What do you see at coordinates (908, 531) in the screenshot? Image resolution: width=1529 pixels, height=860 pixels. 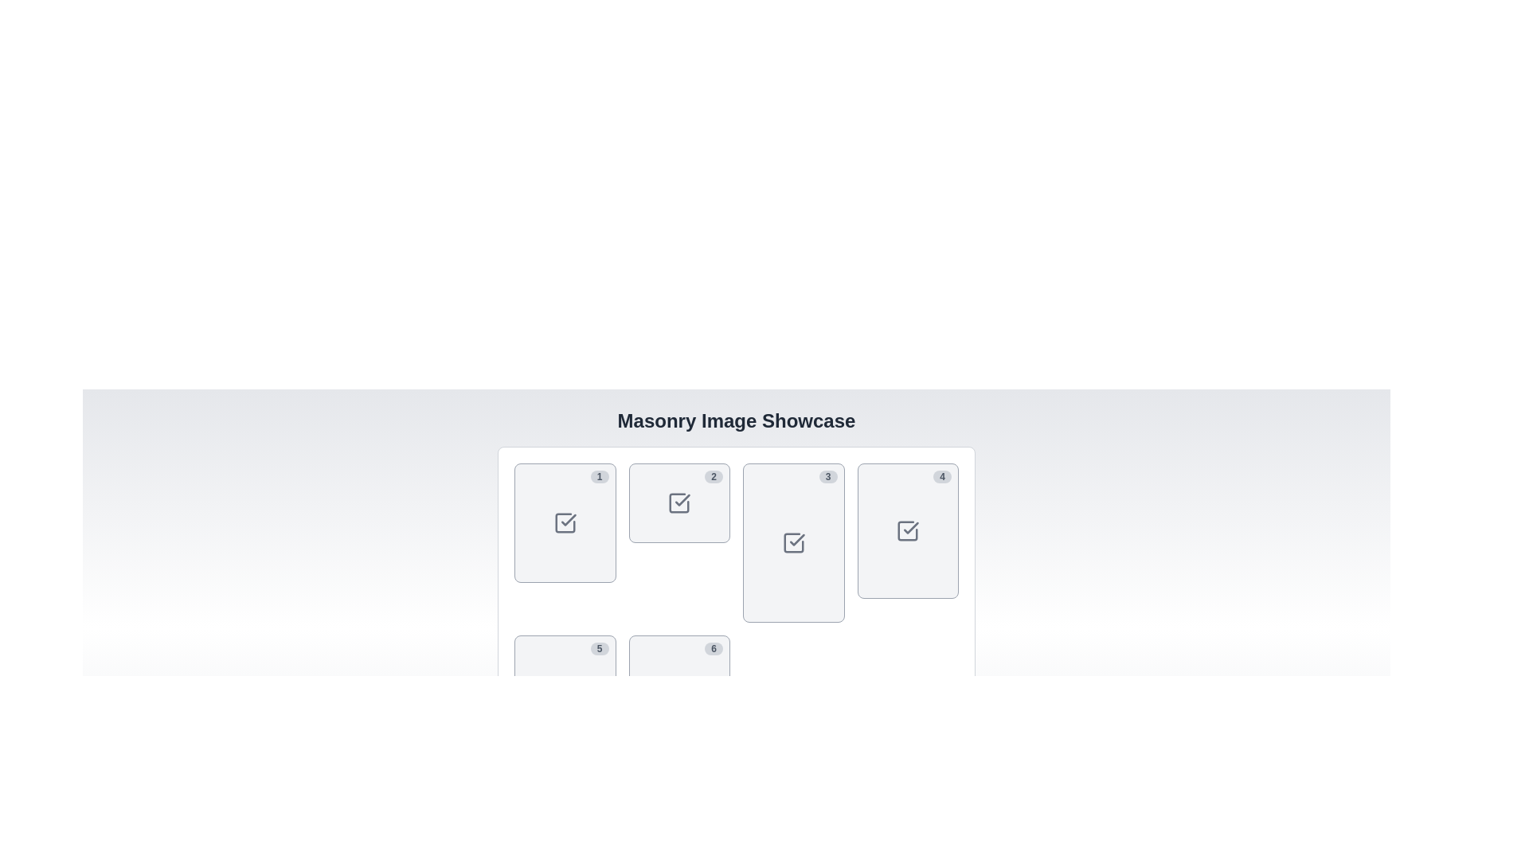 I see `the fourth card element in a grid layout, which serves as a visual card component representing an item or selection option` at bounding box center [908, 531].